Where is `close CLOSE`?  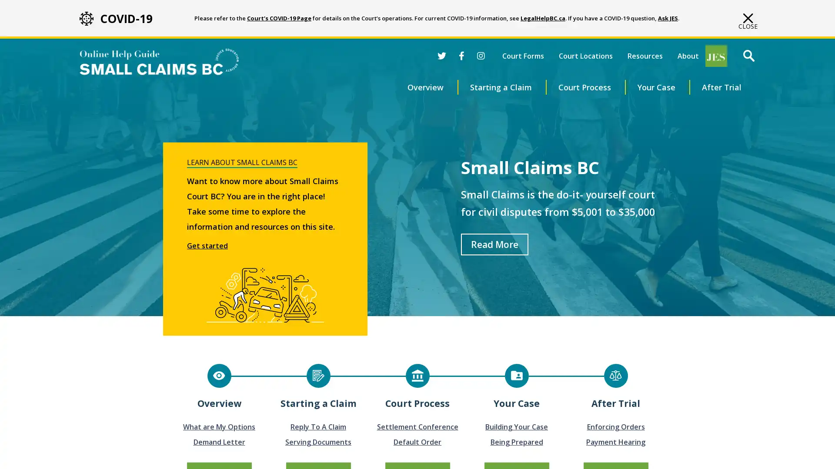
close CLOSE is located at coordinates (747, 21).